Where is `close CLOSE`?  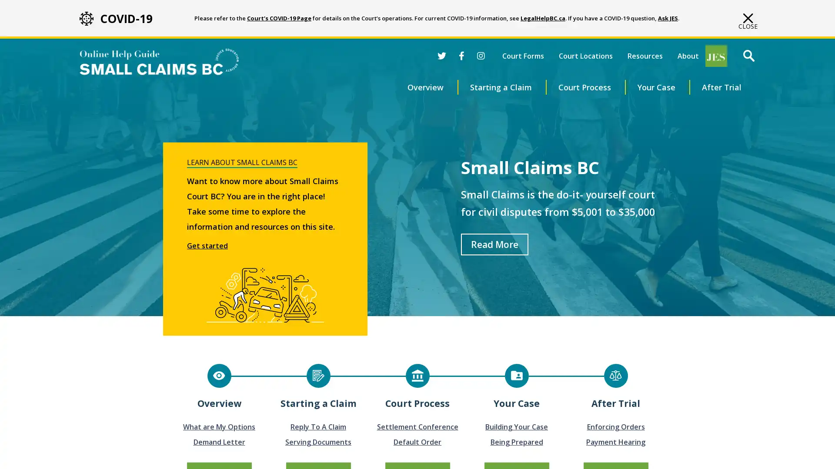
close CLOSE is located at coordinates (747, 21).